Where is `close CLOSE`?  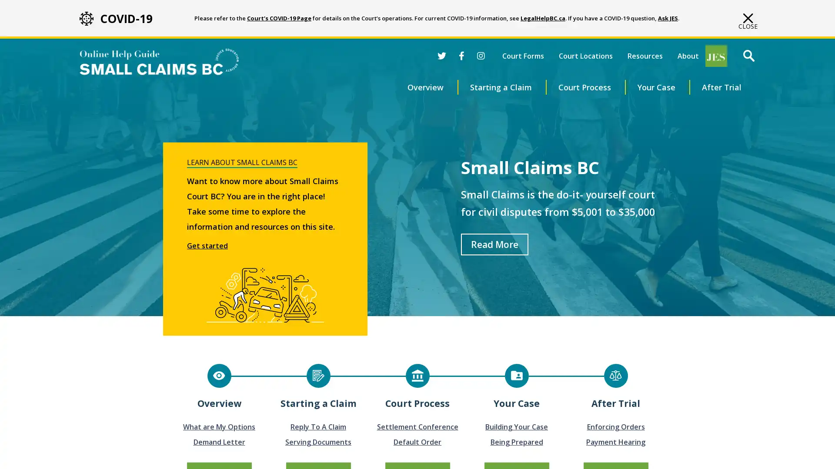
close CLOSE is located at coordinates (747, 21).